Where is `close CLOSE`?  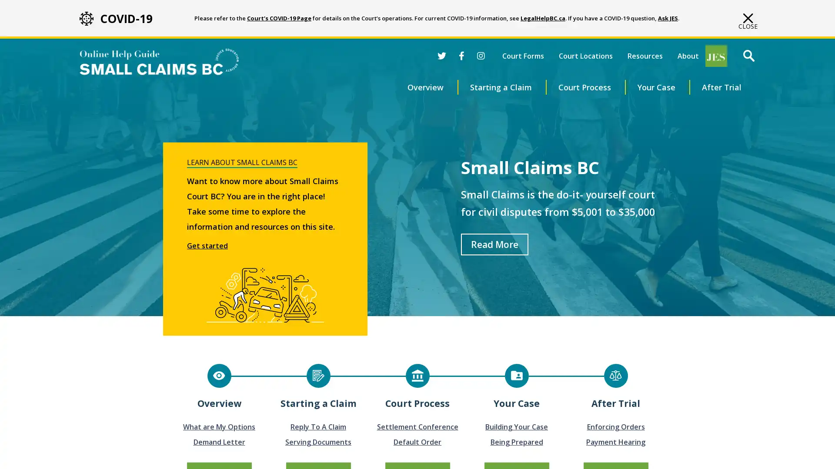
close CLOSE is located at coordinates (747, 21).